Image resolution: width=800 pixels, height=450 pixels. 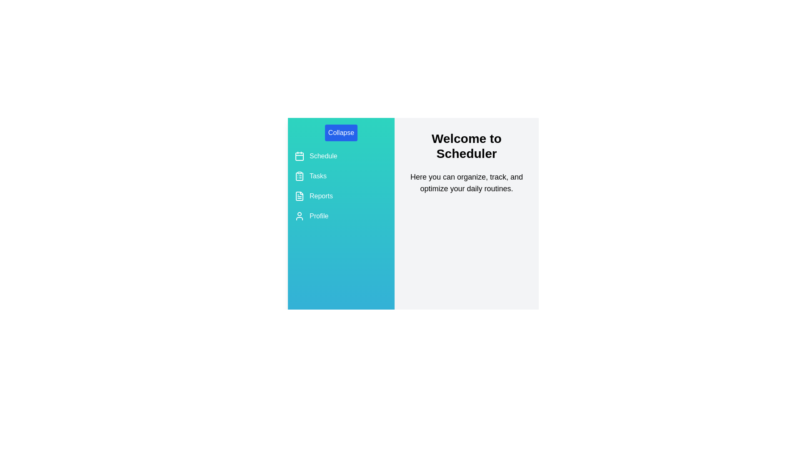 What do you see at coordinates (341, 176) in the screenshot?
I see `the 'Tasks' navigation item in the drawer` at bounding box center [341, 176].